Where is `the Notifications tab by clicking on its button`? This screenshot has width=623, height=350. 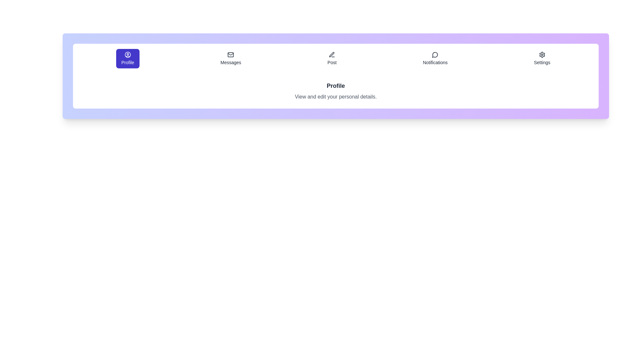 the Notifications tab by clicking on its button is located at coordinates (435, 59).